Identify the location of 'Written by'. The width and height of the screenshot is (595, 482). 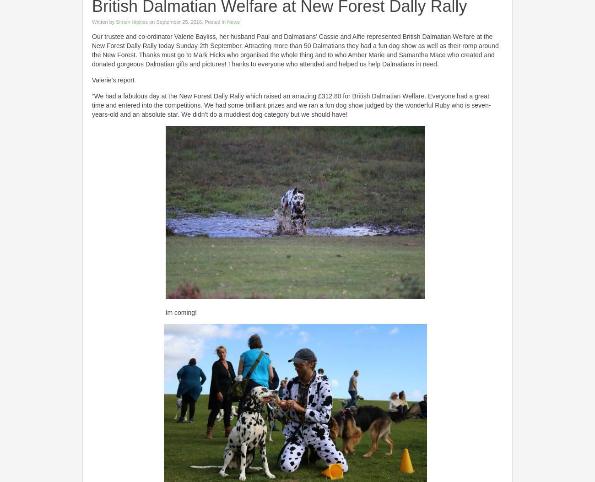
(103, 22).